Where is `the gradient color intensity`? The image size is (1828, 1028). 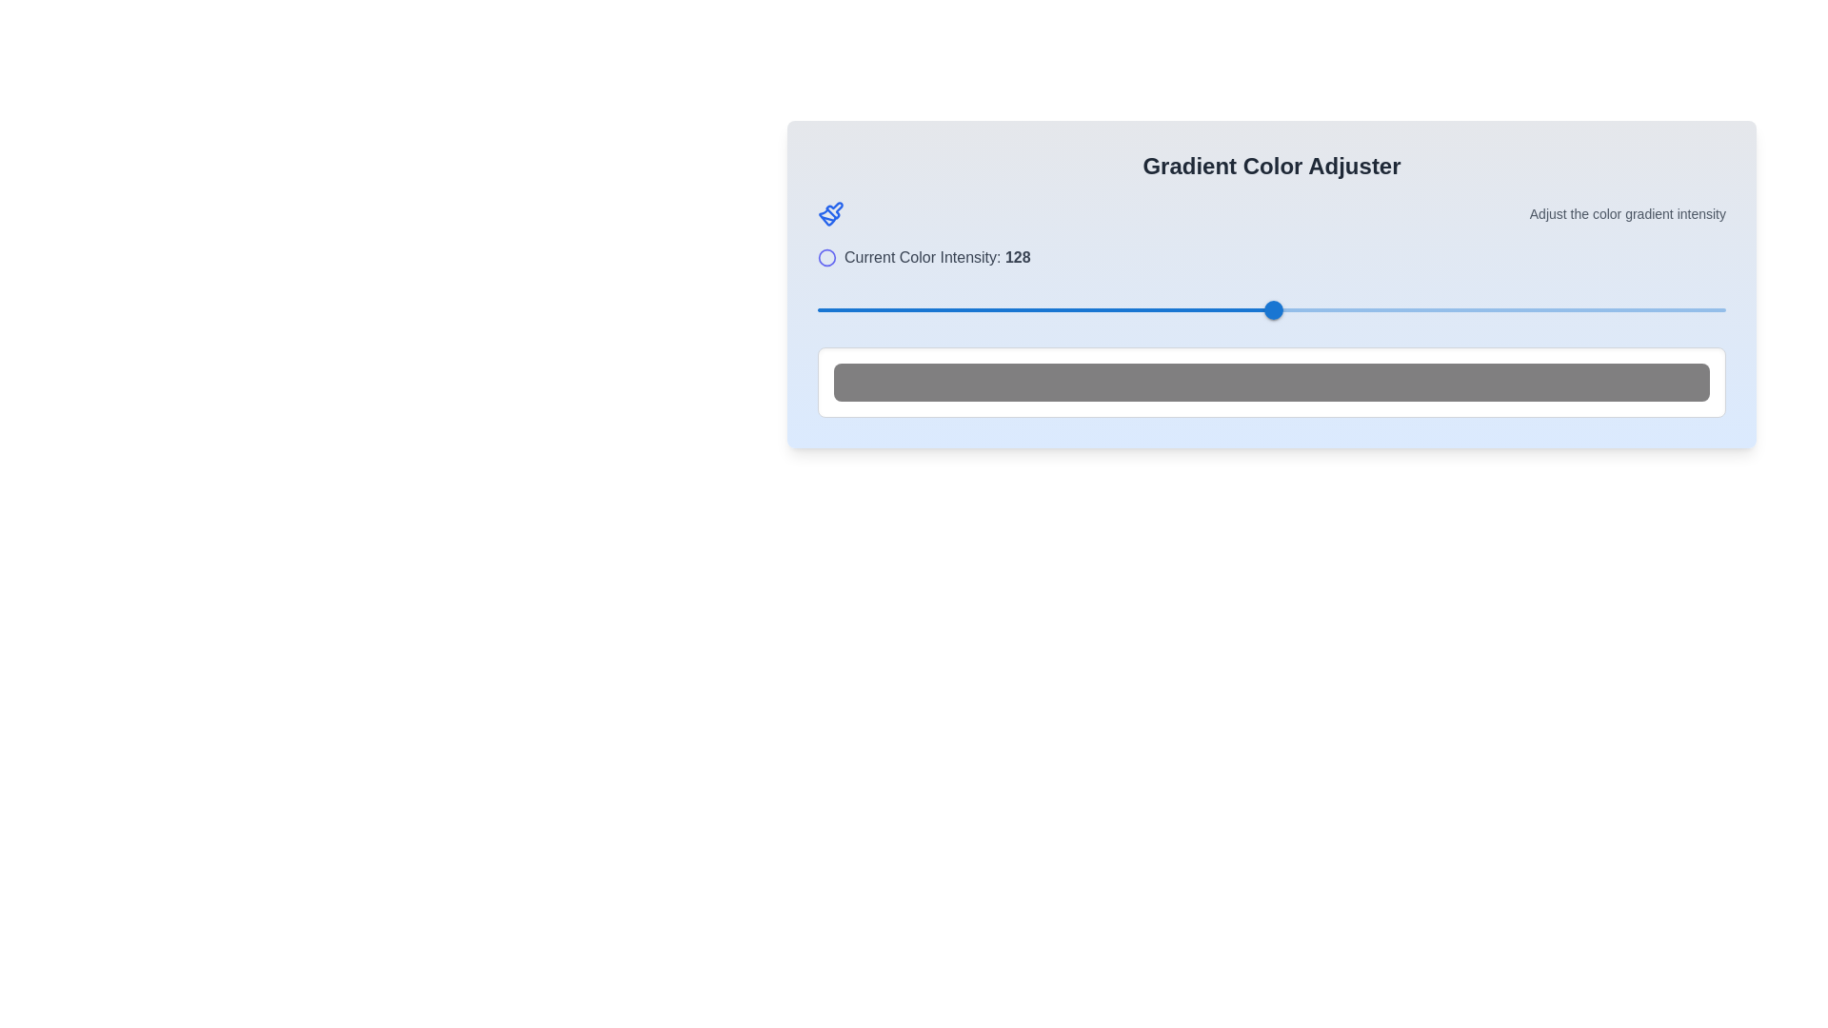
the gradient color intensity is located at coordinates (818, 309).